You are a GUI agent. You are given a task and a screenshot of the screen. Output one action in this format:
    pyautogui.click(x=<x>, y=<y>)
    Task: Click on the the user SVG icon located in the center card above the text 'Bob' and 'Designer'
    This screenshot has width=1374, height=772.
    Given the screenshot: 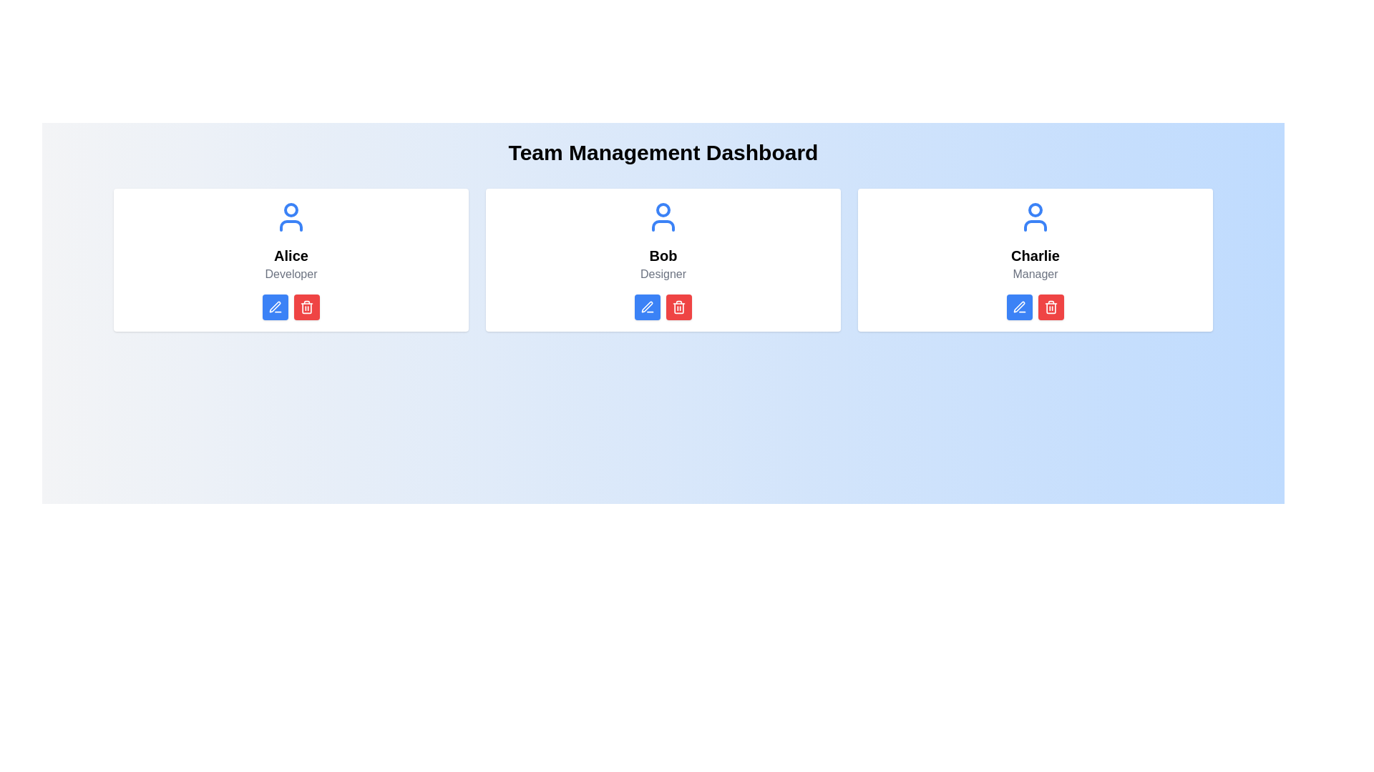 What is the action you would take?
    pyautogui.click(x=662, y=217)
    